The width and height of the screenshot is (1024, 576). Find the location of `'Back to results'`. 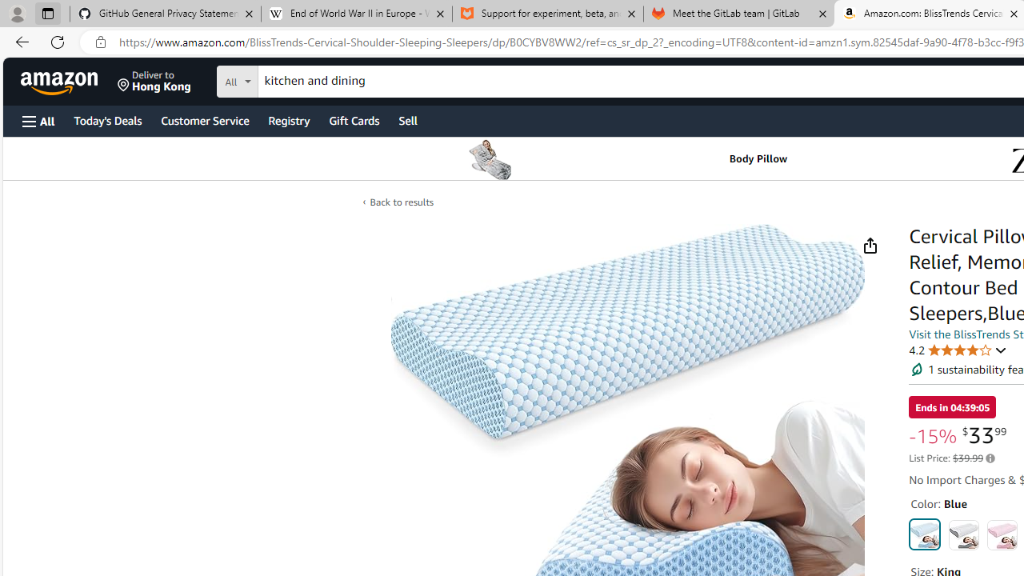

'Back to results' is located at coordinates (401, 201).